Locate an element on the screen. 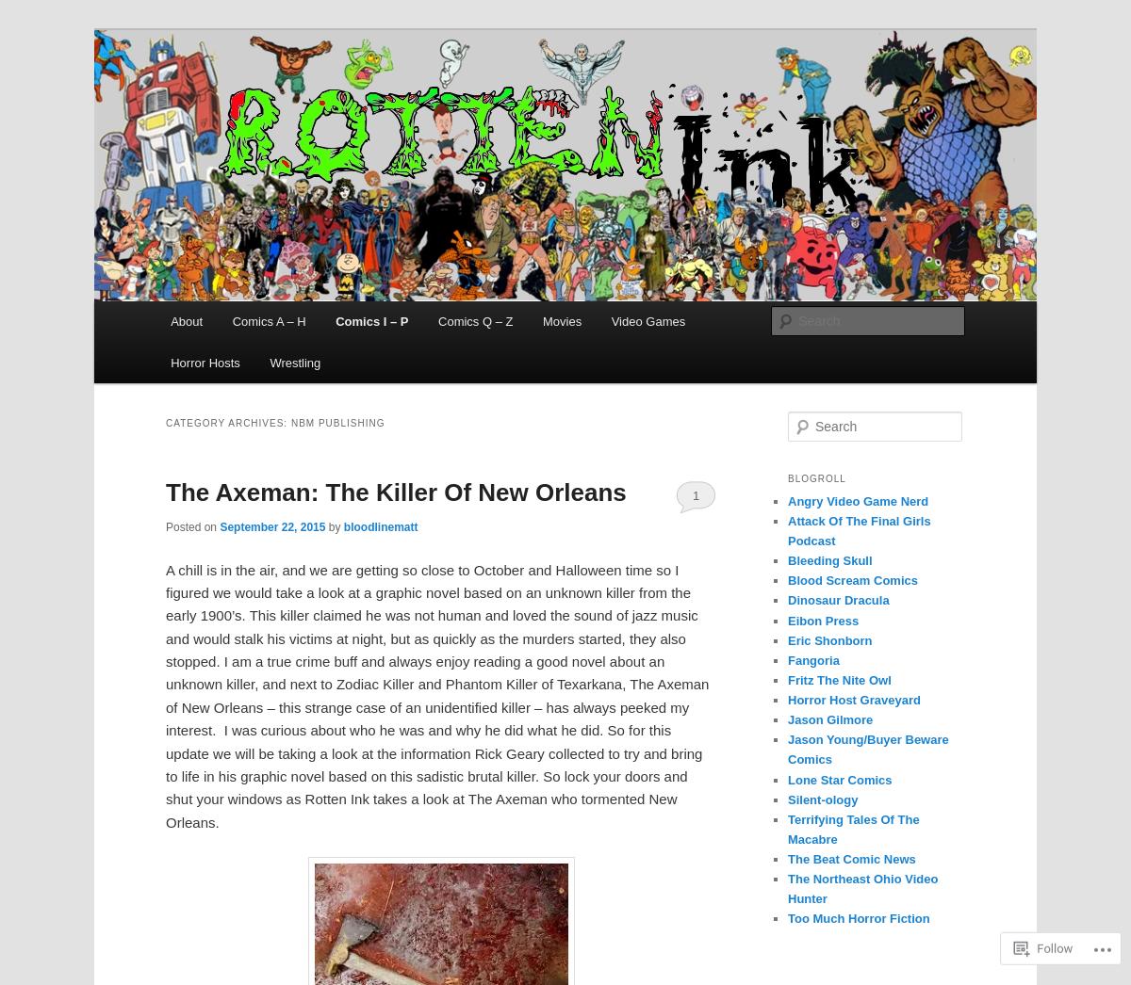 This screenshot has height=985, width=1131. 'Blogroll' is located at coordinates (815, 477).